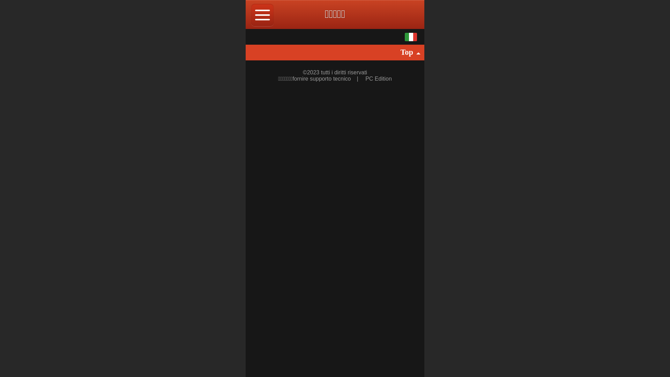 Image resolution: width=670 pixels, height=377 pixels. I want to click on 'PC Edition', so click(365, 79).